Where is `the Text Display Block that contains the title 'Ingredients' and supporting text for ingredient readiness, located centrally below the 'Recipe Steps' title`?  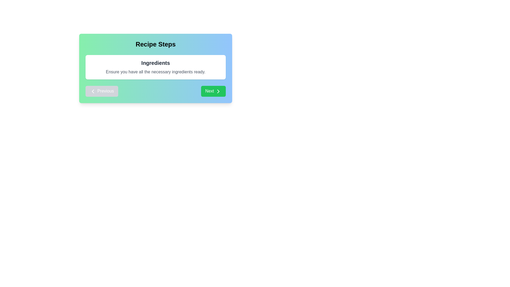 the Text Display Block that contains the title 'Ingredients' and supporting text for ingredient readiness, located centrally below the 'Recipe Steps' title is located at coordinates (155, 67).